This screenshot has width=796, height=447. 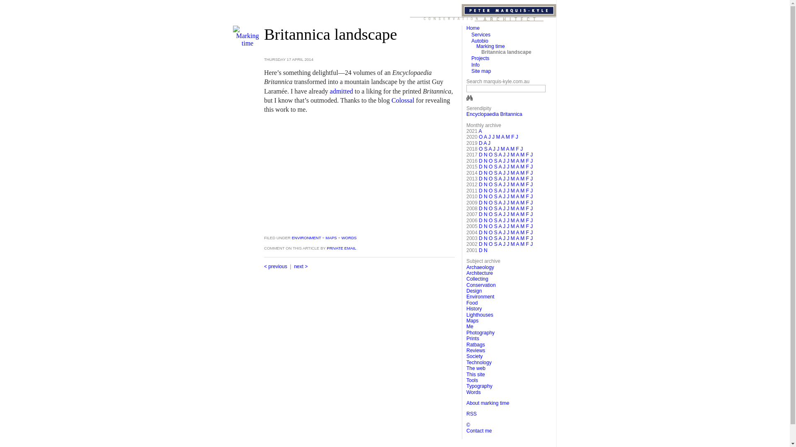 What do you see at coordinates (490, 155) in the screenshot?
I see `'O'` at bounding box center [490, 155].